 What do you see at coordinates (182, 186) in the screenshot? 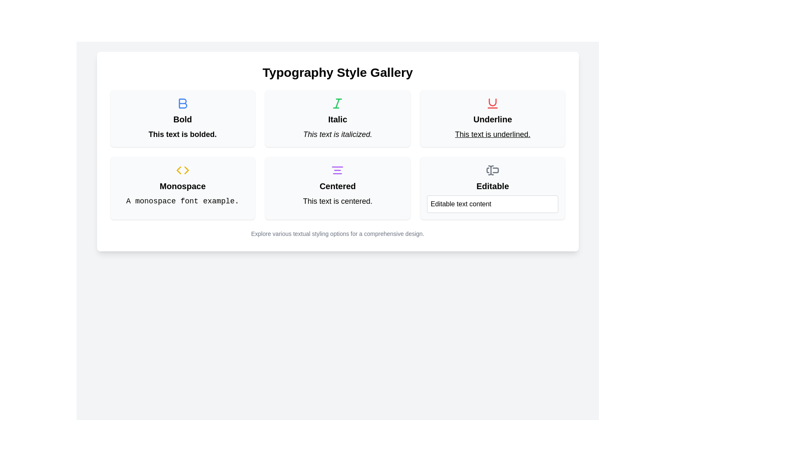
I see `text label that serves as a title for the monospace font style demonstration, located in the lower-left card of a 2x3 grid, positioned at the top above a smaller descriptive text and below an icon resembling coding tags` at bounding box center [182, 186].